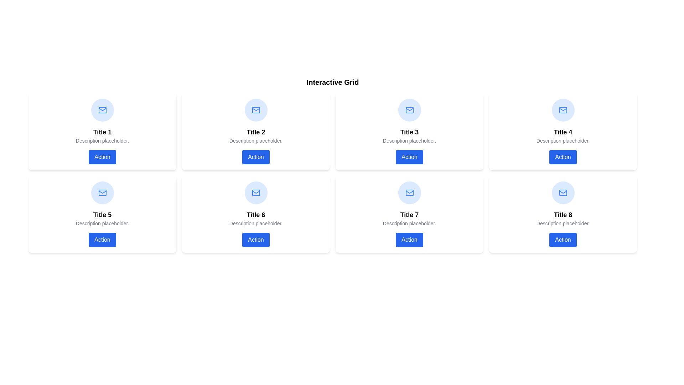  What do you see at coordinates (563, 214) in the screenshot?
I see `the 'Title 8' text label, which is styled in bold and slightly larger font size, located in the last card of the interactive grid layout in the bottom-right corner` at bounding box center [563, 214].